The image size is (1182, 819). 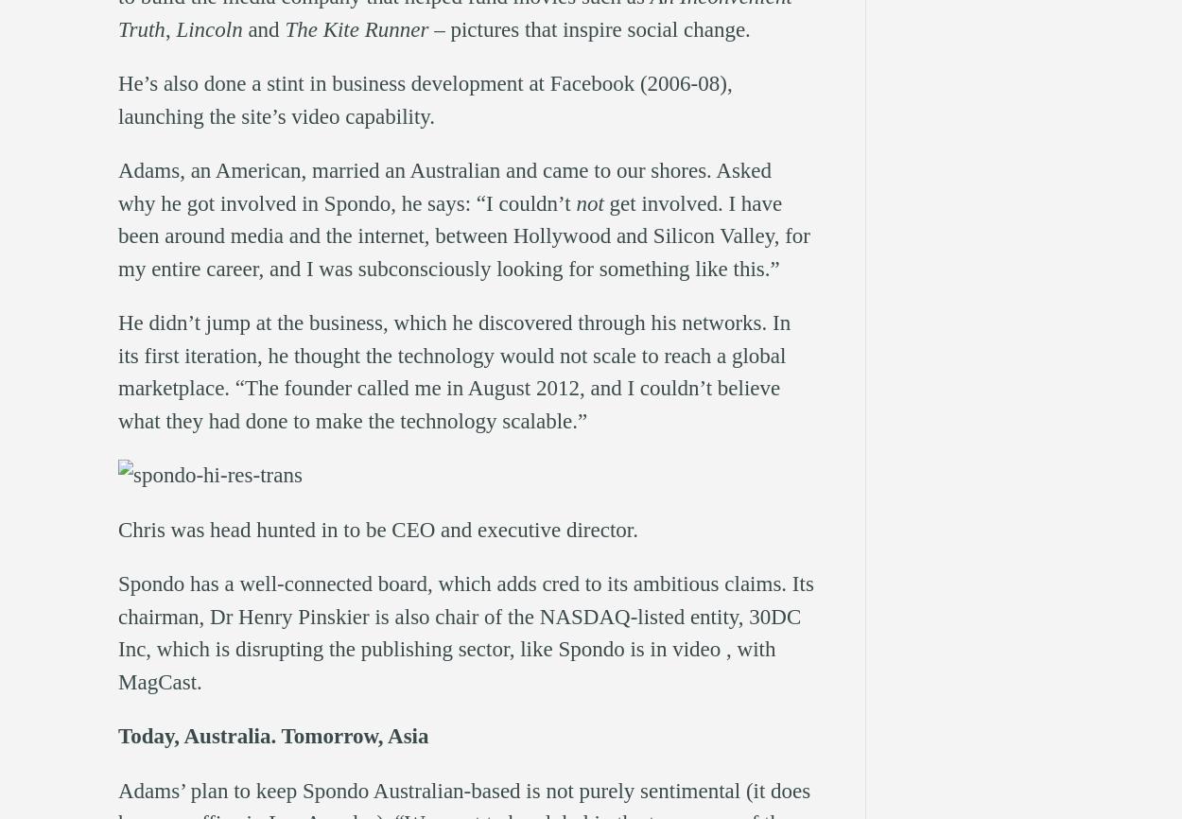 I want to click on 'The Kite Runner', so click(x=356, y=28).